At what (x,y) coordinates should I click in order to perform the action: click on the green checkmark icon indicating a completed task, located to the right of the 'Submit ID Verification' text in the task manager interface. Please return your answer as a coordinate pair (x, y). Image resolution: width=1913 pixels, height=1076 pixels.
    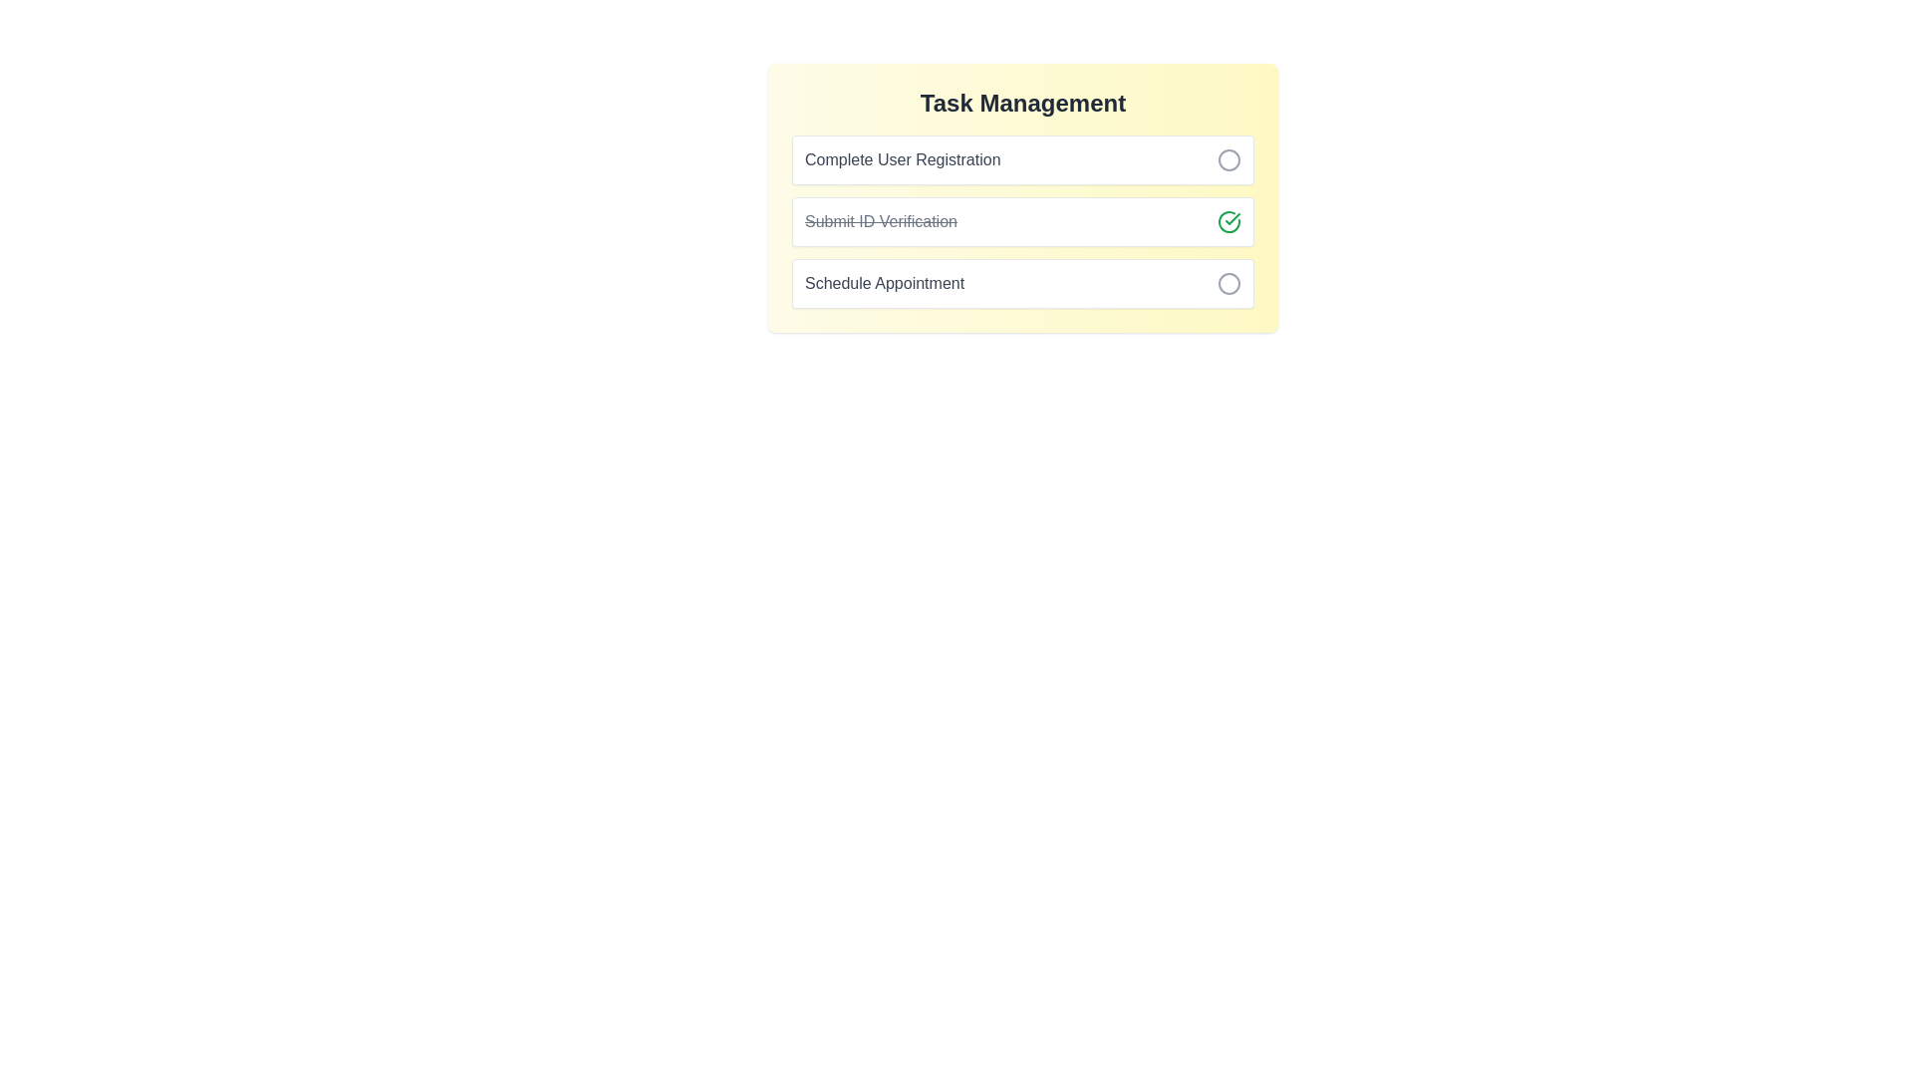
    Looking at the image, I should click on (1231, 218).